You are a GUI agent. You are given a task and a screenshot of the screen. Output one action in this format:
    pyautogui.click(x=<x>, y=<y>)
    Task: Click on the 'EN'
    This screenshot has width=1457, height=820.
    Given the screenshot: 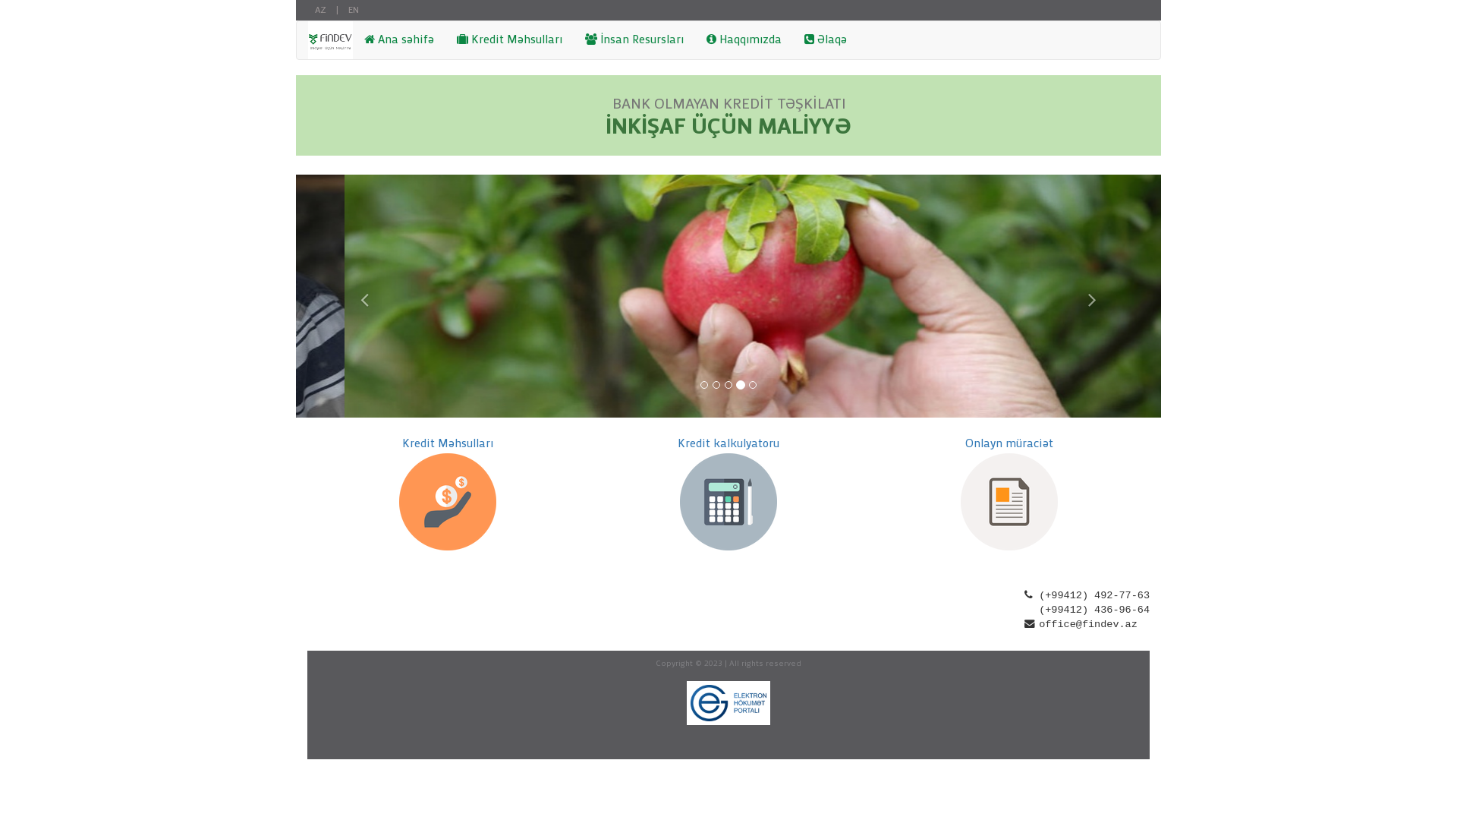 What is the action you would take?
    pyautogui.click(x=352, y=10)
    